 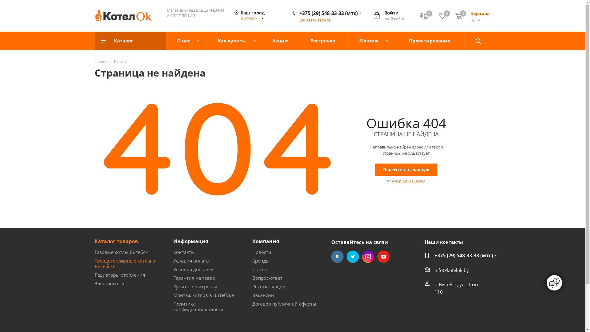 What do you see at coordinates (352, 256) in the screenshot?
I see `'Twitter'` at bounding box center [352, 256].